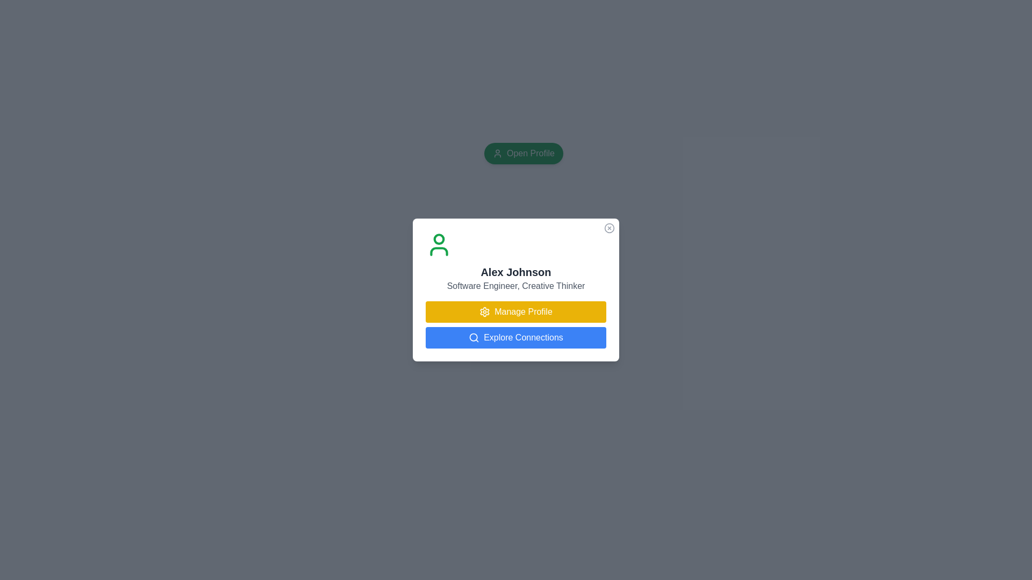 The width and height of the screenshot is (1032, 580). Describe the element at coordinates (474, 337) in the screenshot. I see `the 'Explore Connections' button, which is visually represented by an icon located at the bottom left side of the white profile card` at that location.